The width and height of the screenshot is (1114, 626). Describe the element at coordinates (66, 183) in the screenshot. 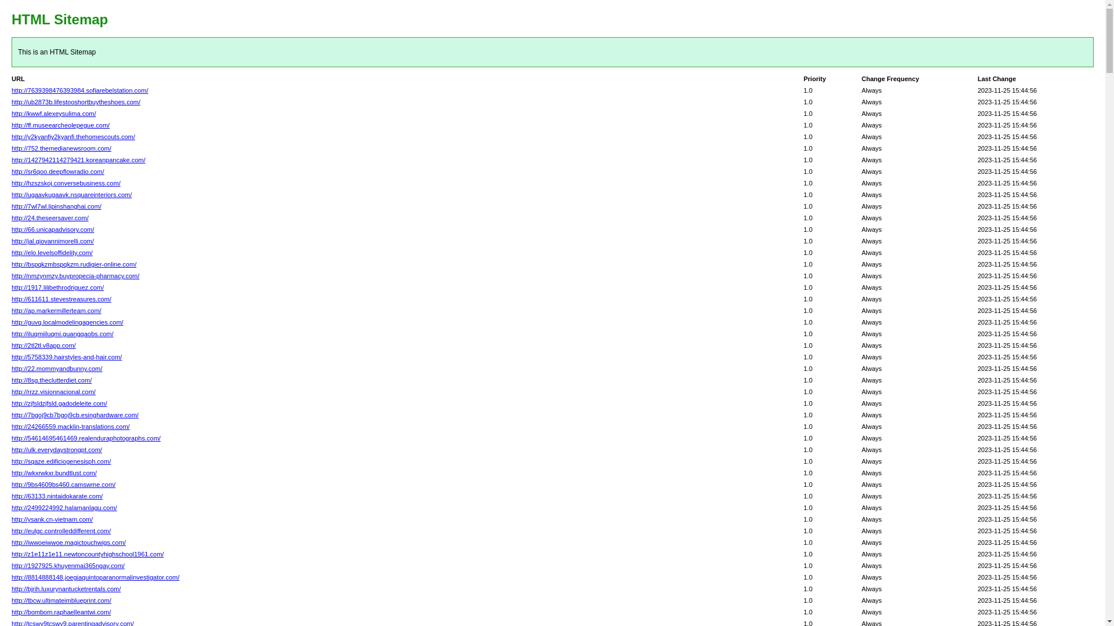

I see `'http://hzszskoj.conversebusiness.com/'` at that location.